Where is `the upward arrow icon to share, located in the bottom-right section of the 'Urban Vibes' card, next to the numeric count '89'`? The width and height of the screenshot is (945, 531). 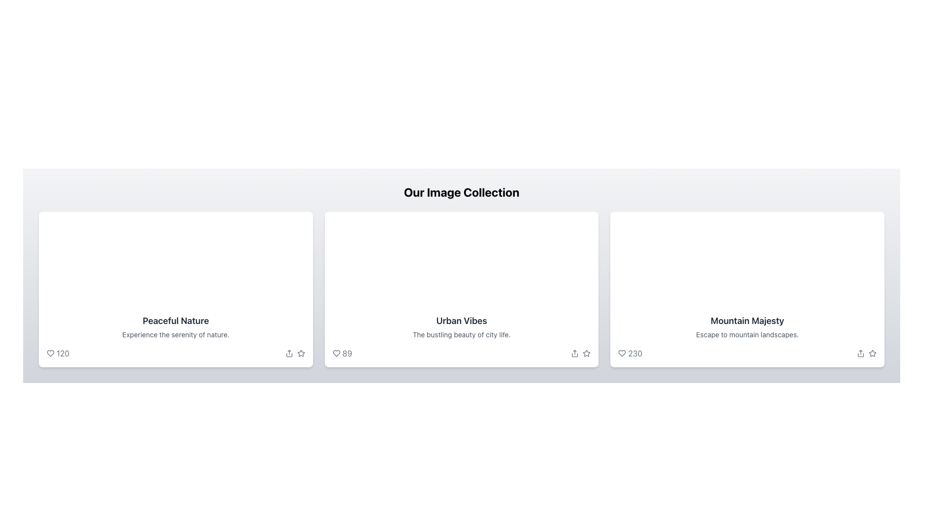 the upward arrow icon to share, located in the bottom-right section of the 'Urban Vibes' card, next to the numeric count '89' is located at coordinates (581, 353).